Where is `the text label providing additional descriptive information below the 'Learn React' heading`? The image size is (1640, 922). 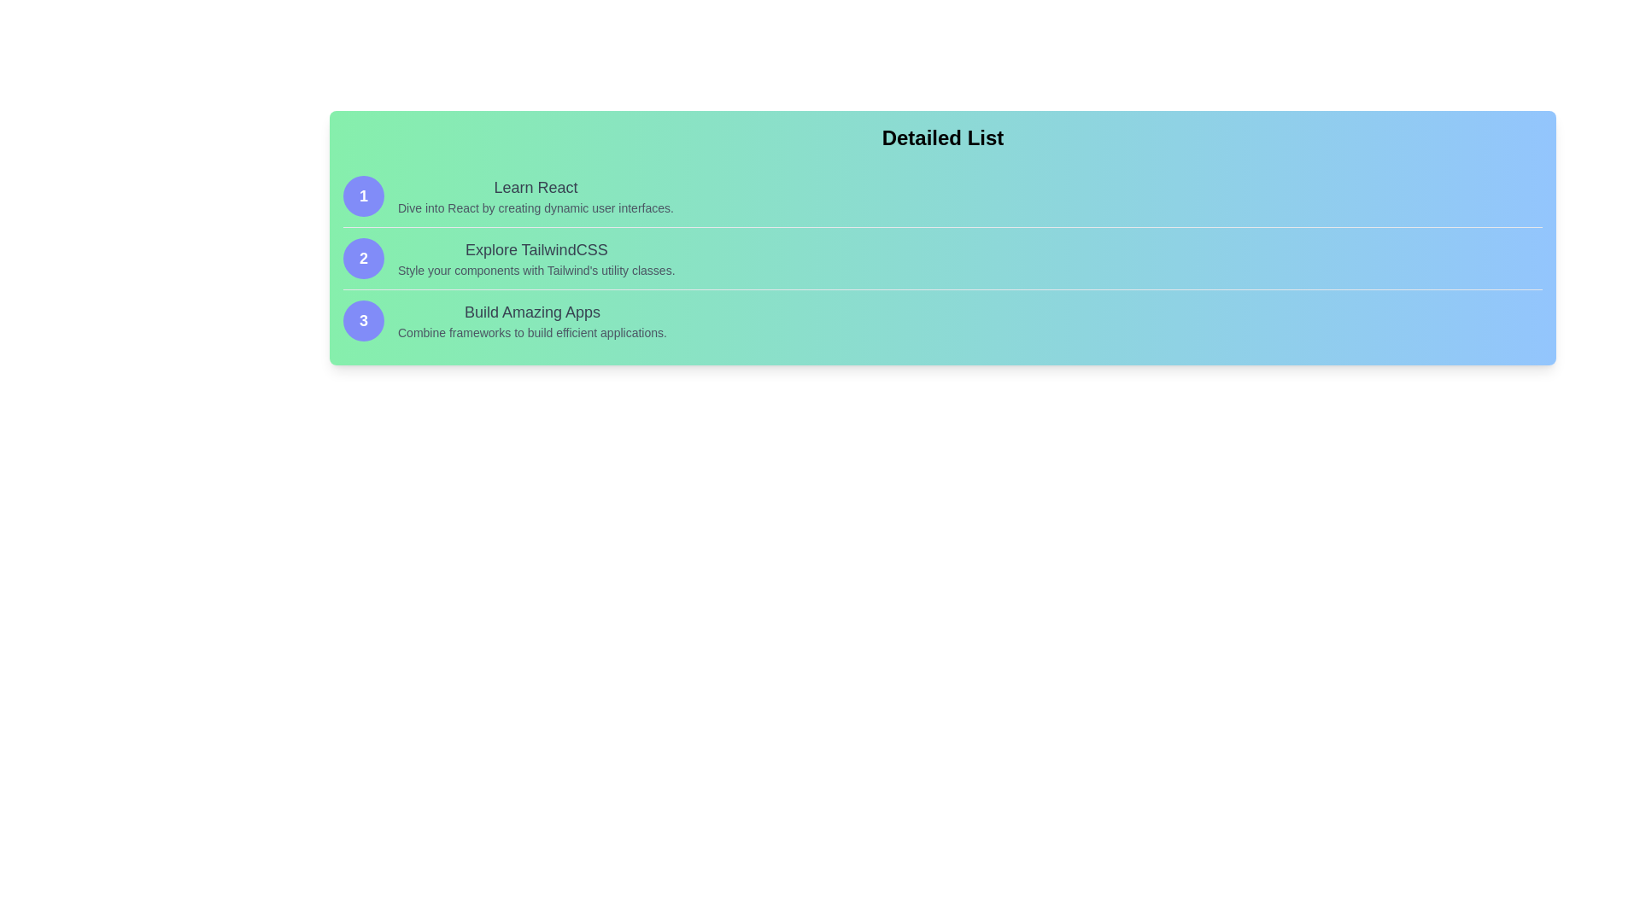
the text label providing additional descriptive information below the 'Learn React' heading is located at coordinates (535, 207).